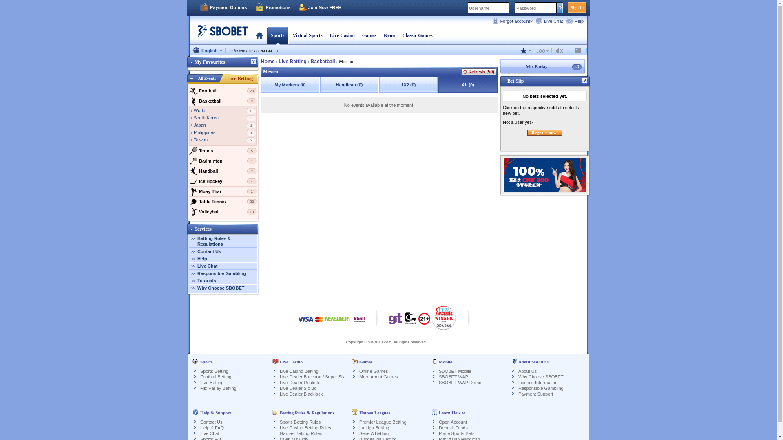 The image size is (783, 440). I want to click on 'Sign In', so click(577, 7).